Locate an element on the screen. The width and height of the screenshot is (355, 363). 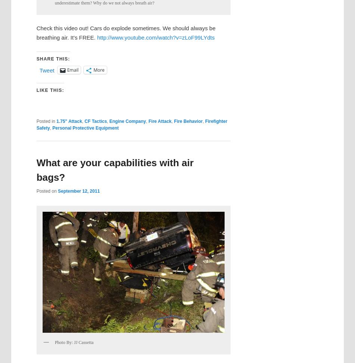
'Share this:' is located at coordinates (53, 58).